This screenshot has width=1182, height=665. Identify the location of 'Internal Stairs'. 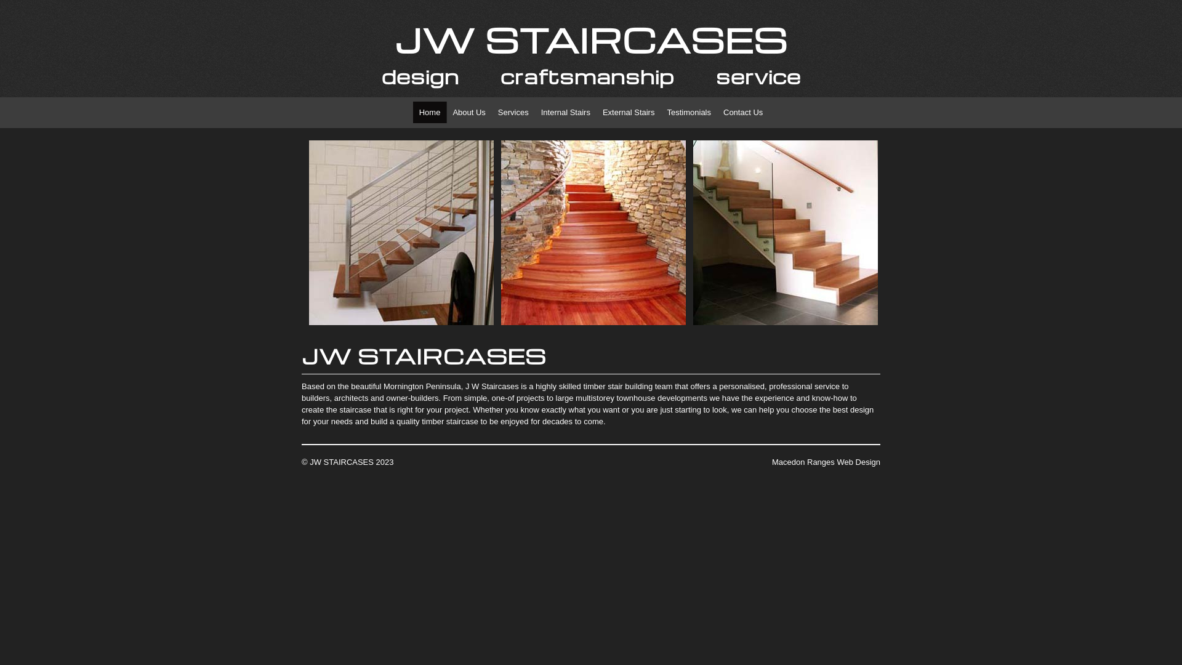
(565, 112).